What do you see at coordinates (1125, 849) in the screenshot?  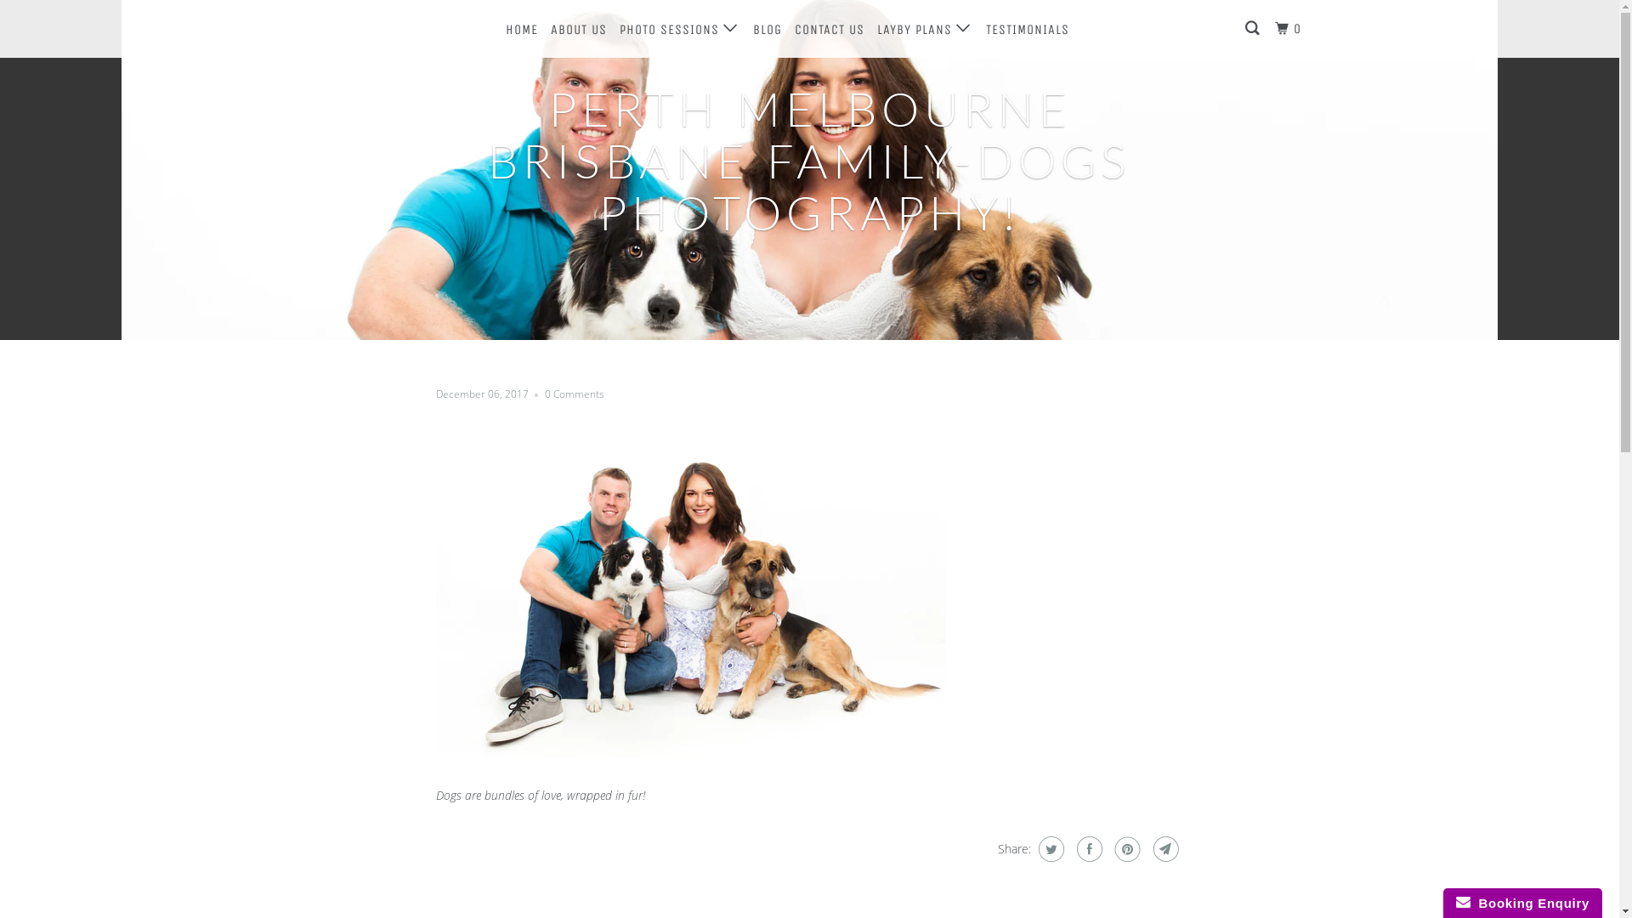 I see `'Share this on Pinterest'` at bounding box center [1125, 849].